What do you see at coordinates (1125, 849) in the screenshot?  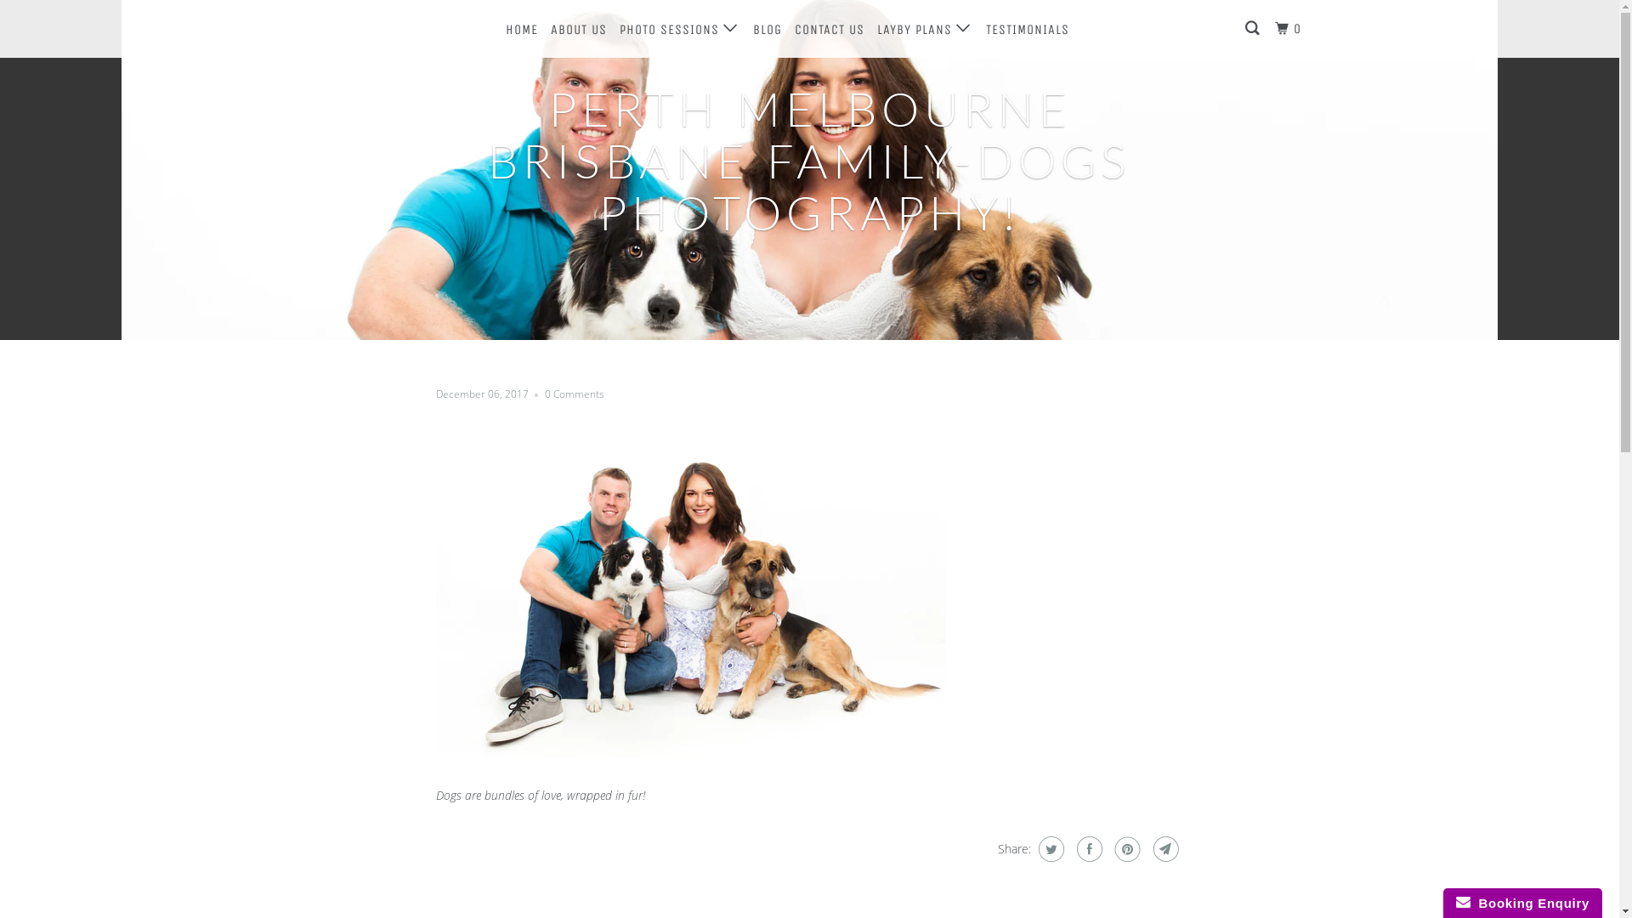 I see `'Share this on Pinterest'` at bounding box center [1125, 849].